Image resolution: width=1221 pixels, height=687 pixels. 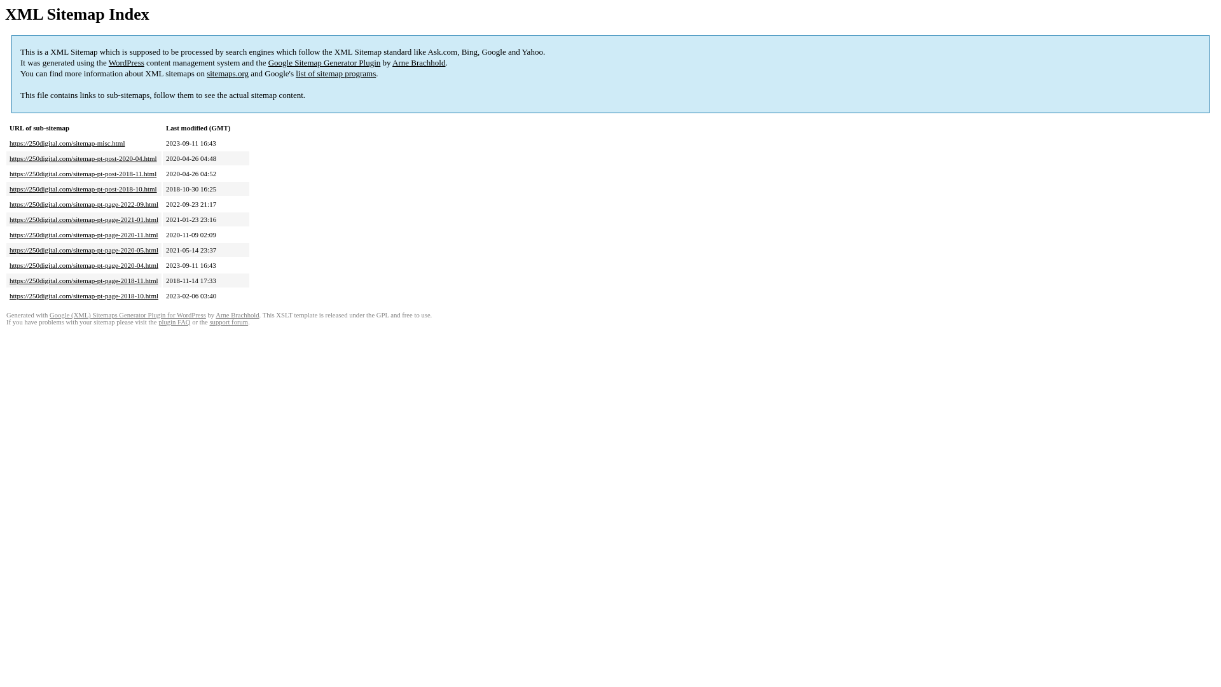 What do you see at coordinates (83, 296) in the screenshot?
I see `'https://250digital.com/sitemap-pt-page-2018-10.html'` at bounding box center [83, 296].